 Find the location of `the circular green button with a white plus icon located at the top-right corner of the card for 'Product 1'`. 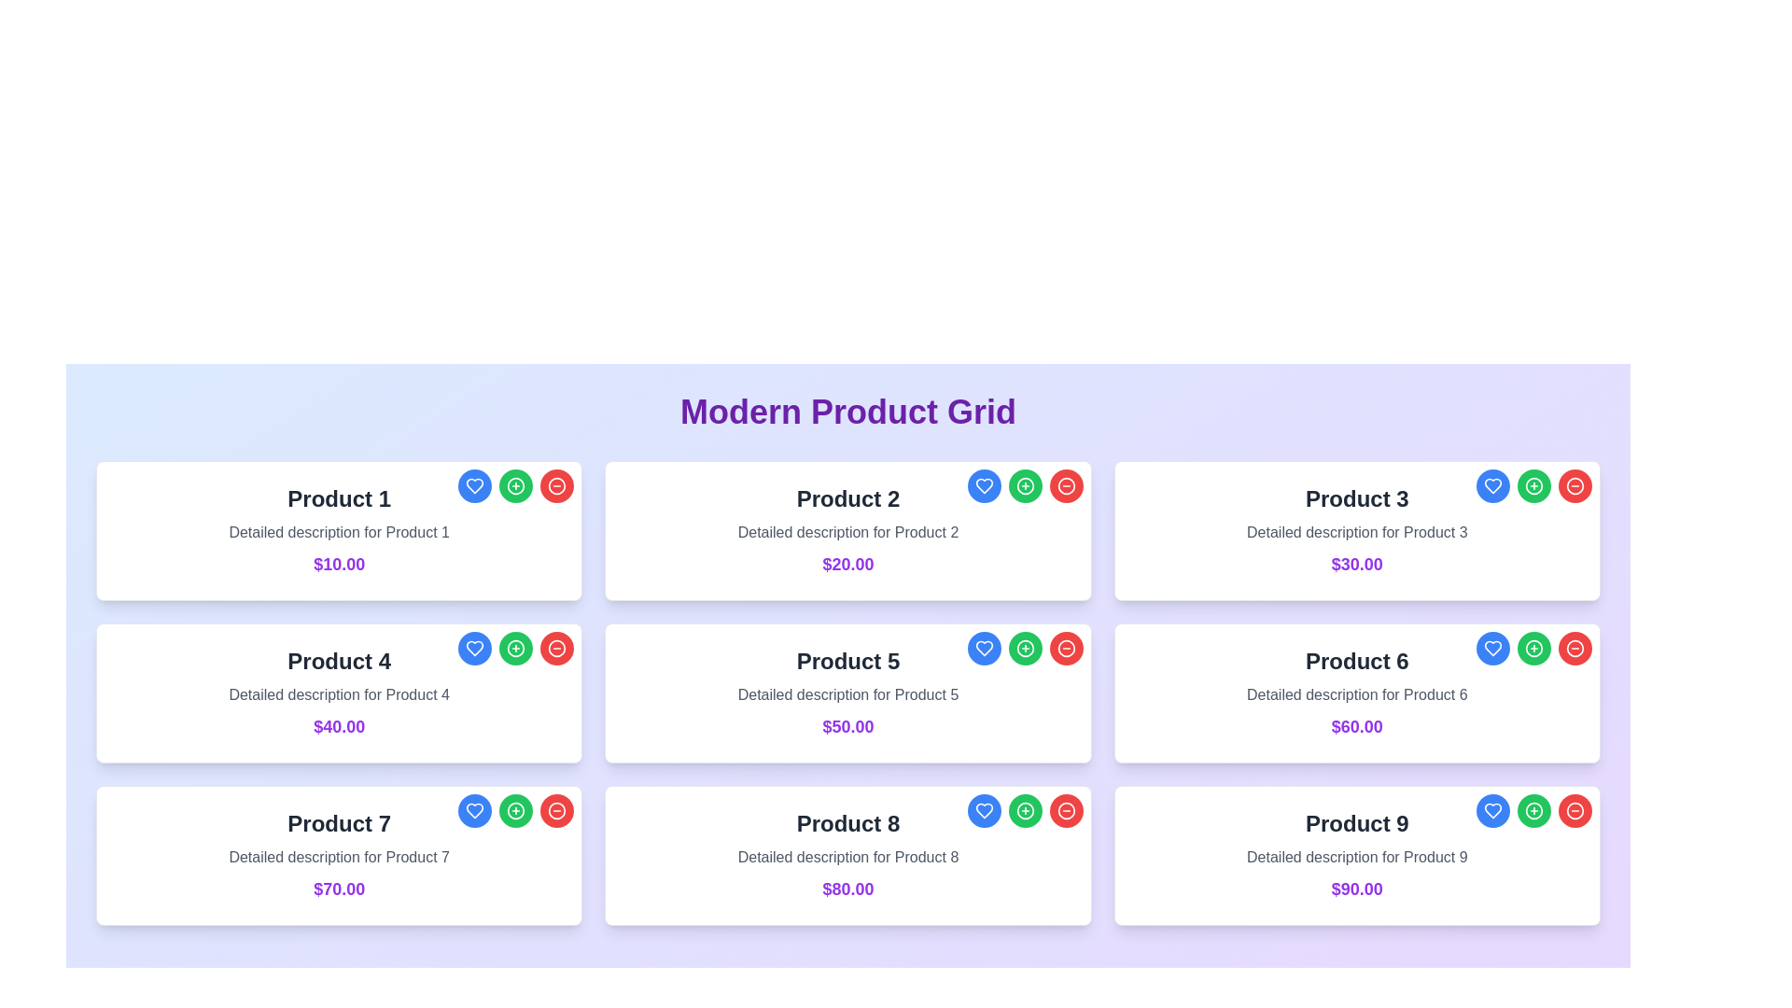

the circular green button with a white plus icon located at the top-right corner of the card for 'Product 1' is located at coordinates (516, 484).